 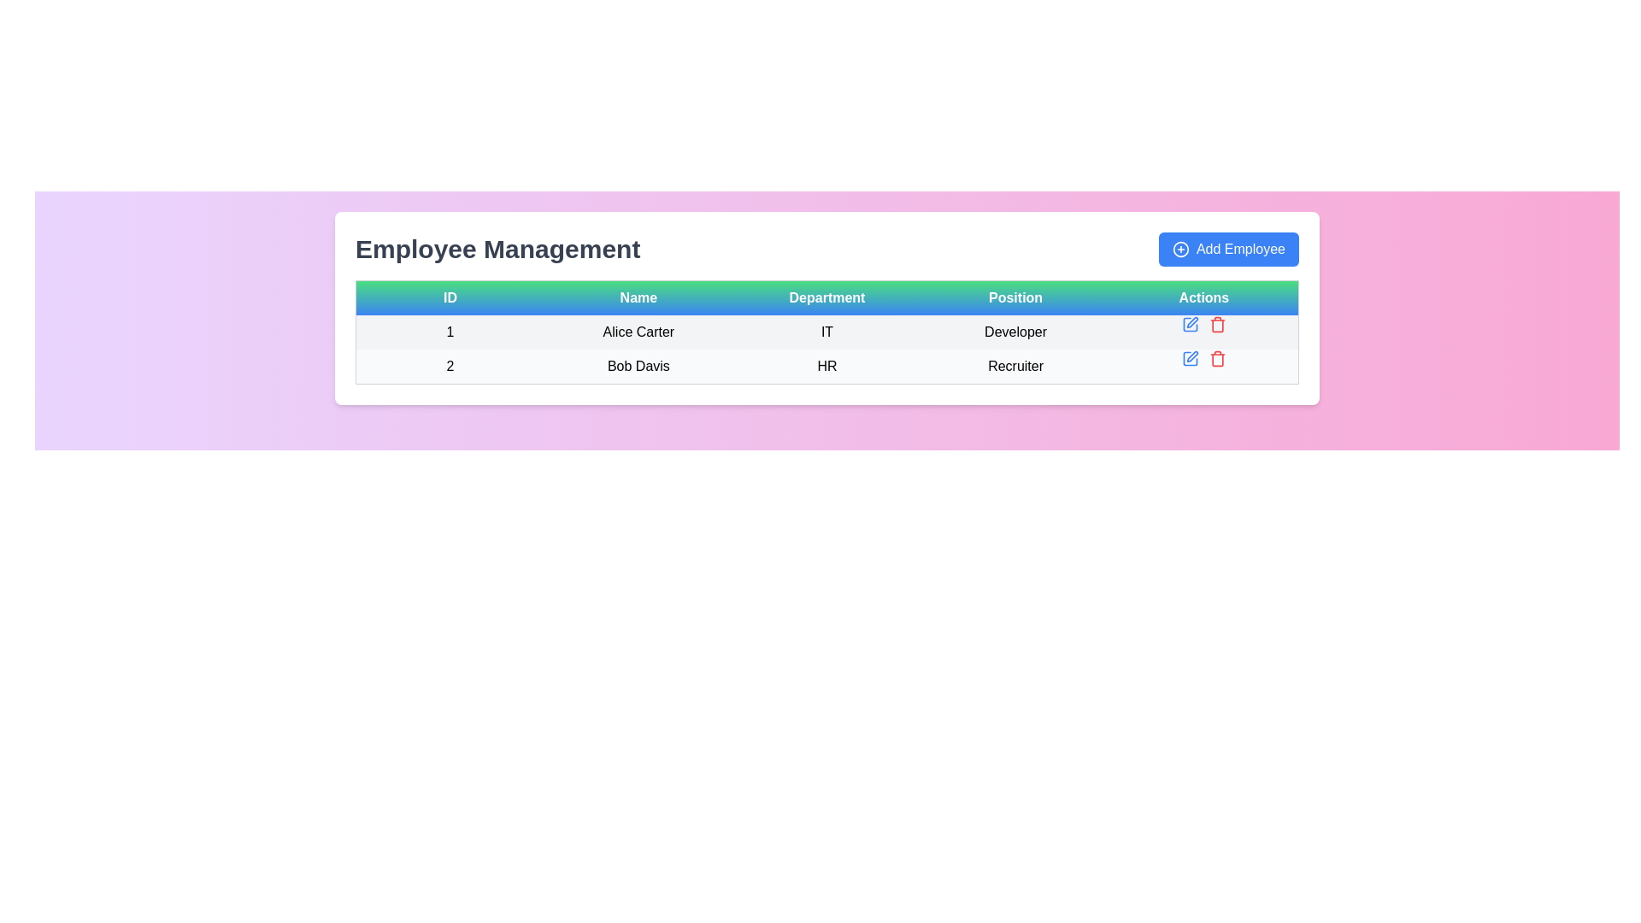 I want to click on the edit icon in the Actions column of the second row, so click(x=1189, y=325).